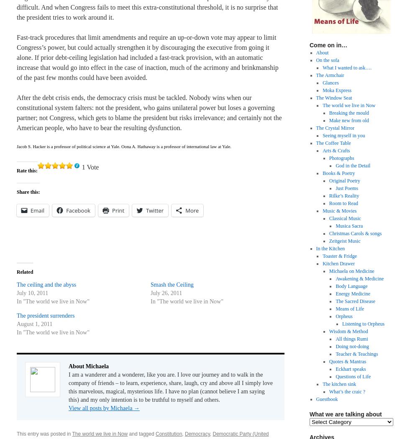  Describe the element at coordinates (336, 278) in the screenshot. I see `'Awakening & Medicine'` at that location.